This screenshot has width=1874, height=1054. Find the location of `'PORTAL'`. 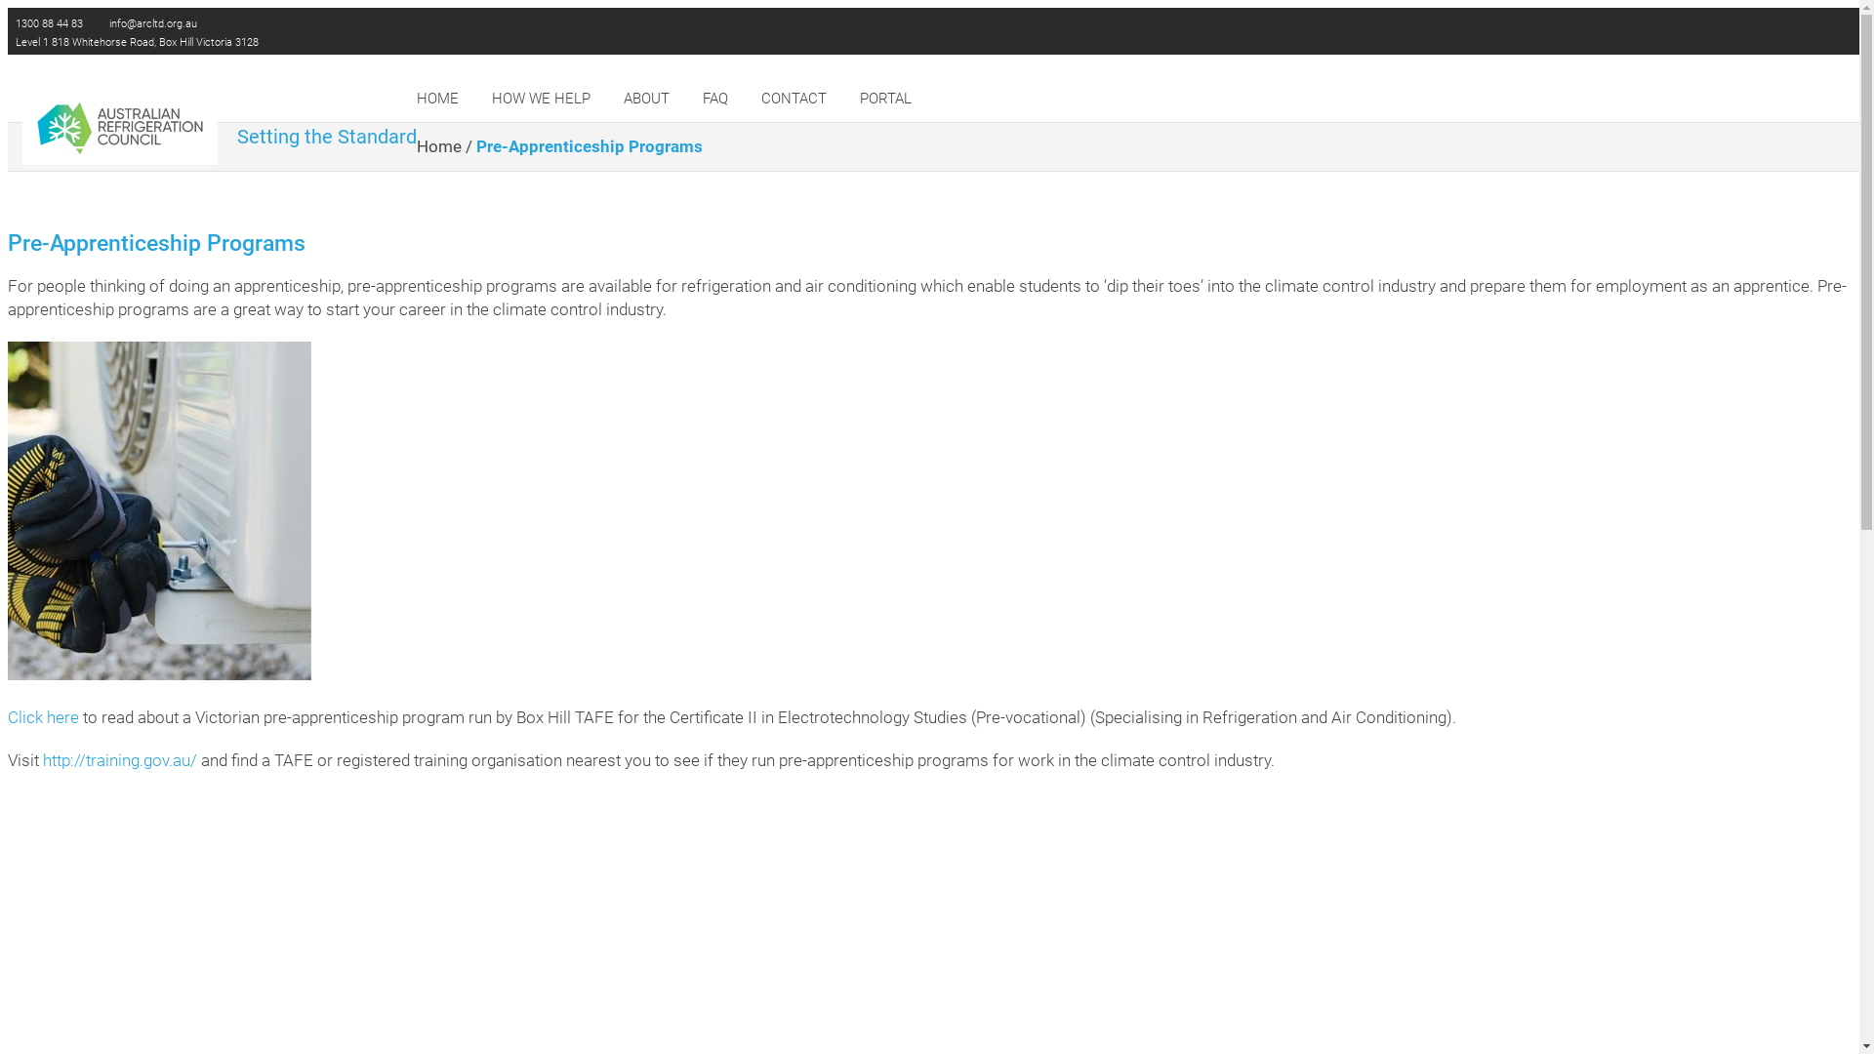

'PORTAL' is located at coordinates (884, 98).